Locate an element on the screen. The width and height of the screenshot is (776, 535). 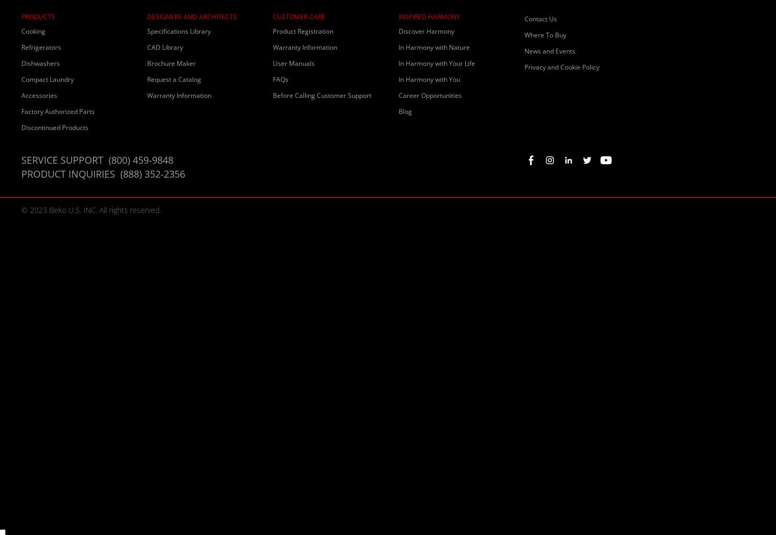
'In Harmony with Nature' is located at coordinates (434, 47).